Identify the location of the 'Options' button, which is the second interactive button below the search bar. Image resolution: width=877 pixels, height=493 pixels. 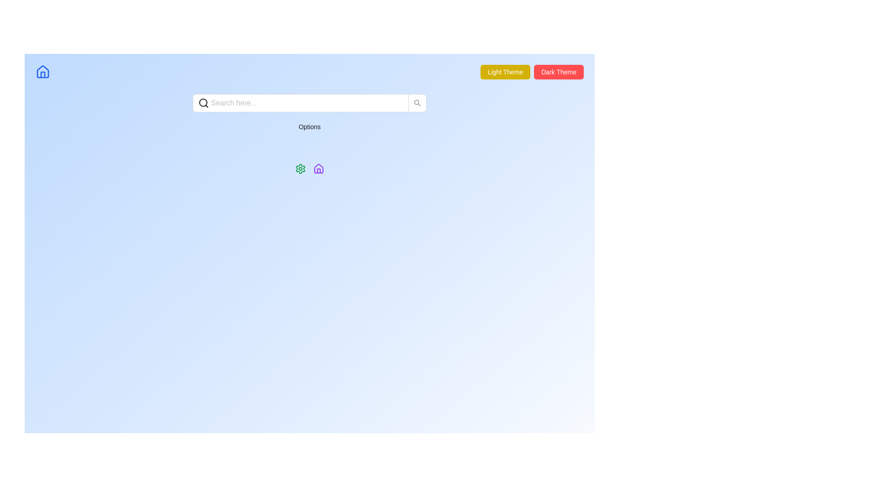
(309, 126).